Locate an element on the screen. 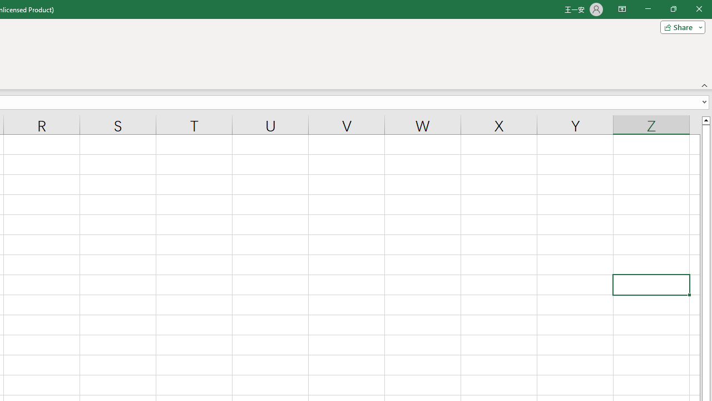  'Restore Down' is located at coordinates (673, 9).